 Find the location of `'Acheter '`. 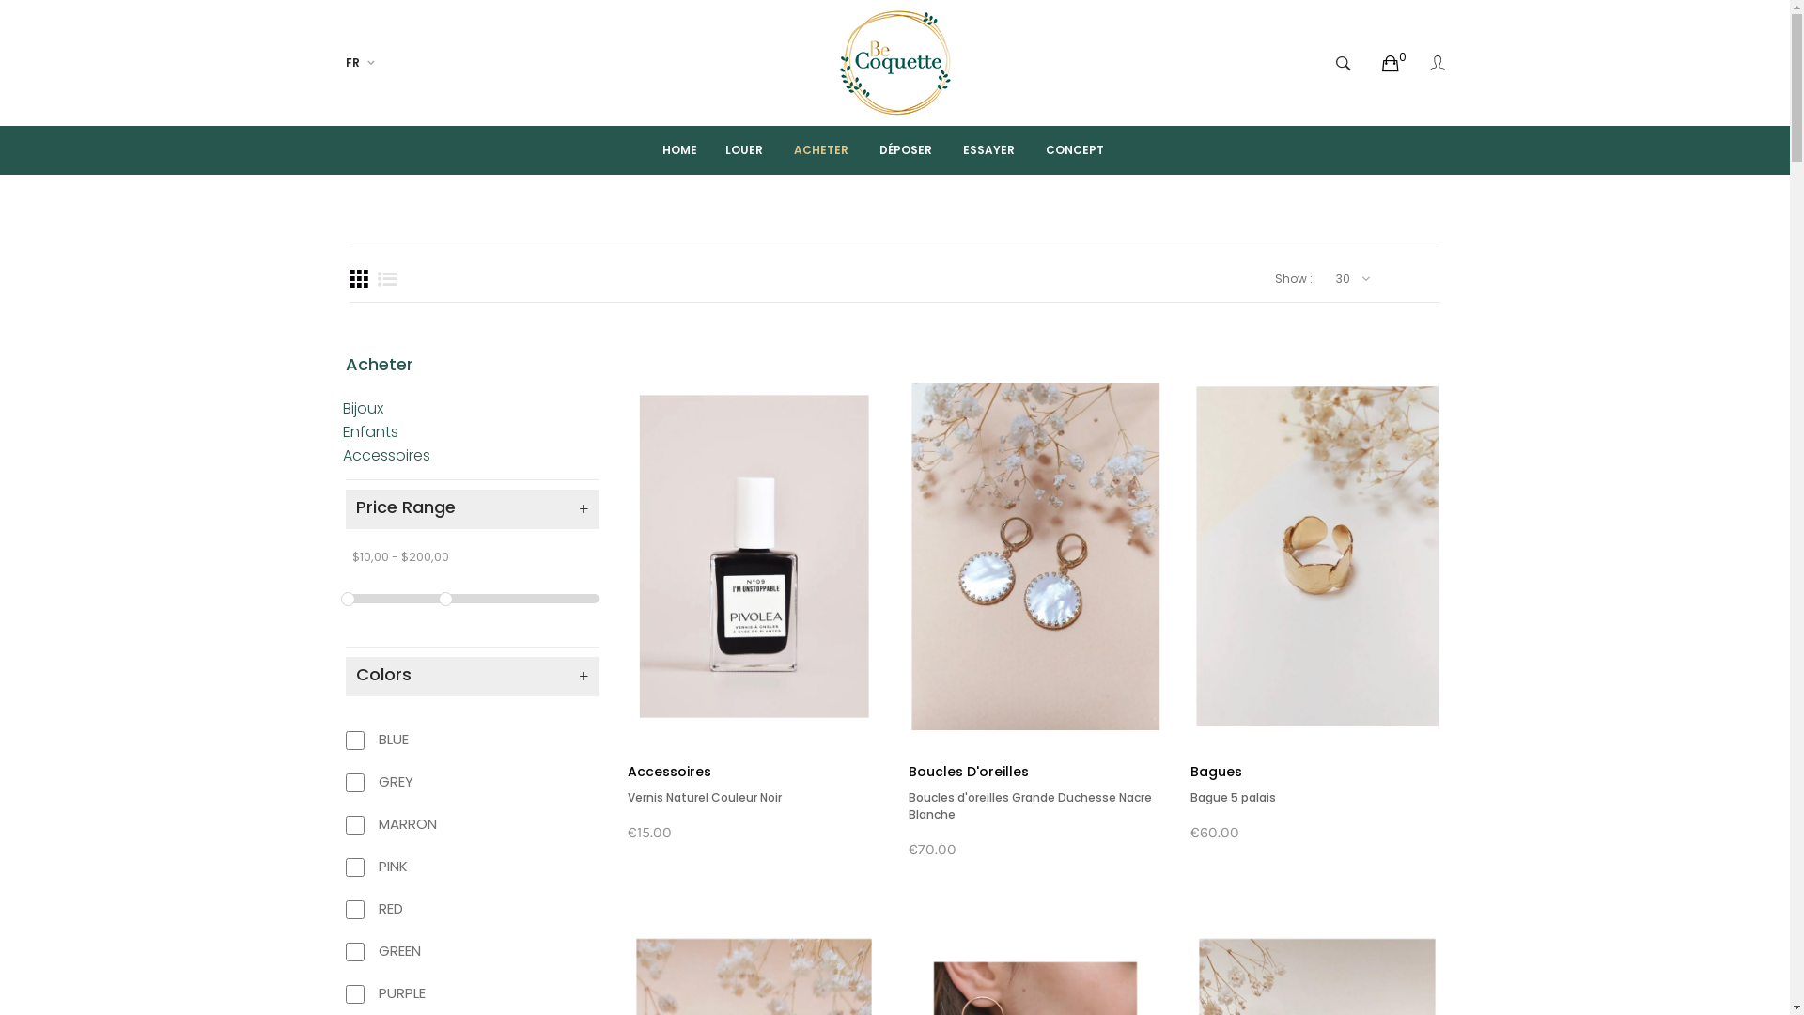

'Acheter ' is located at coordinates (381, 364).